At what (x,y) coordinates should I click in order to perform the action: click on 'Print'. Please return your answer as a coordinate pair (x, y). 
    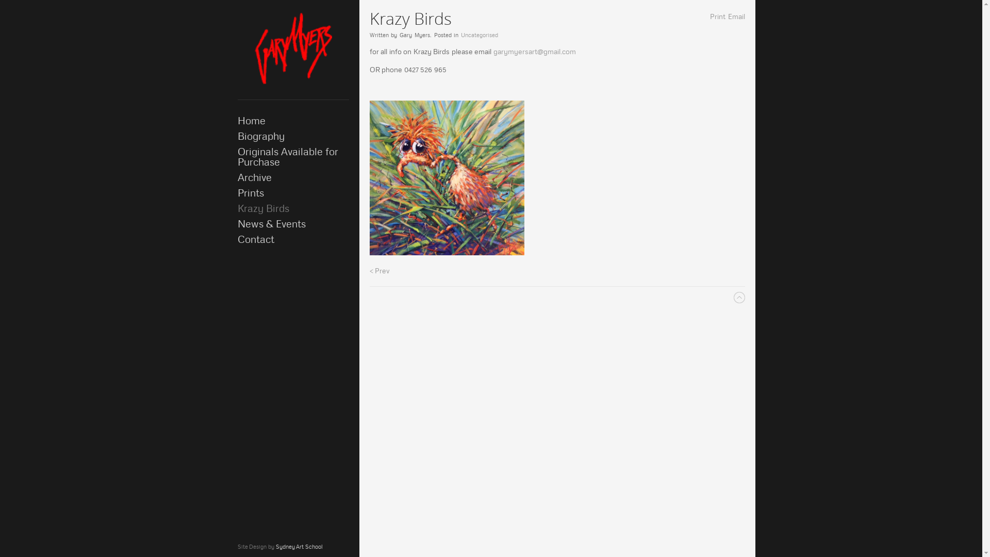
    Looking at the image, I should click on (709, 16).